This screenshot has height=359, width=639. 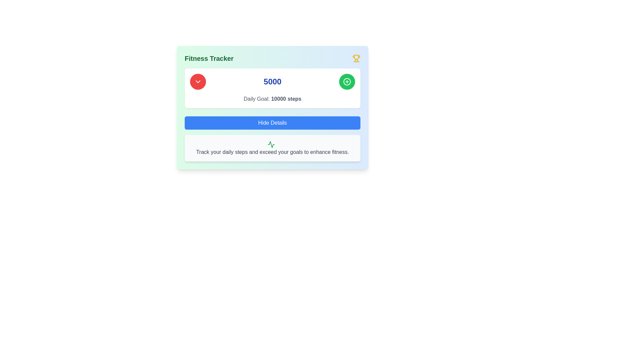 I want to click on the informational text block containing the green activity icon and the text 'Track your daily steps and exceed your goals to enhance fitness.' positioned below the 'Hide Details' button, so click(x=273, y=148).